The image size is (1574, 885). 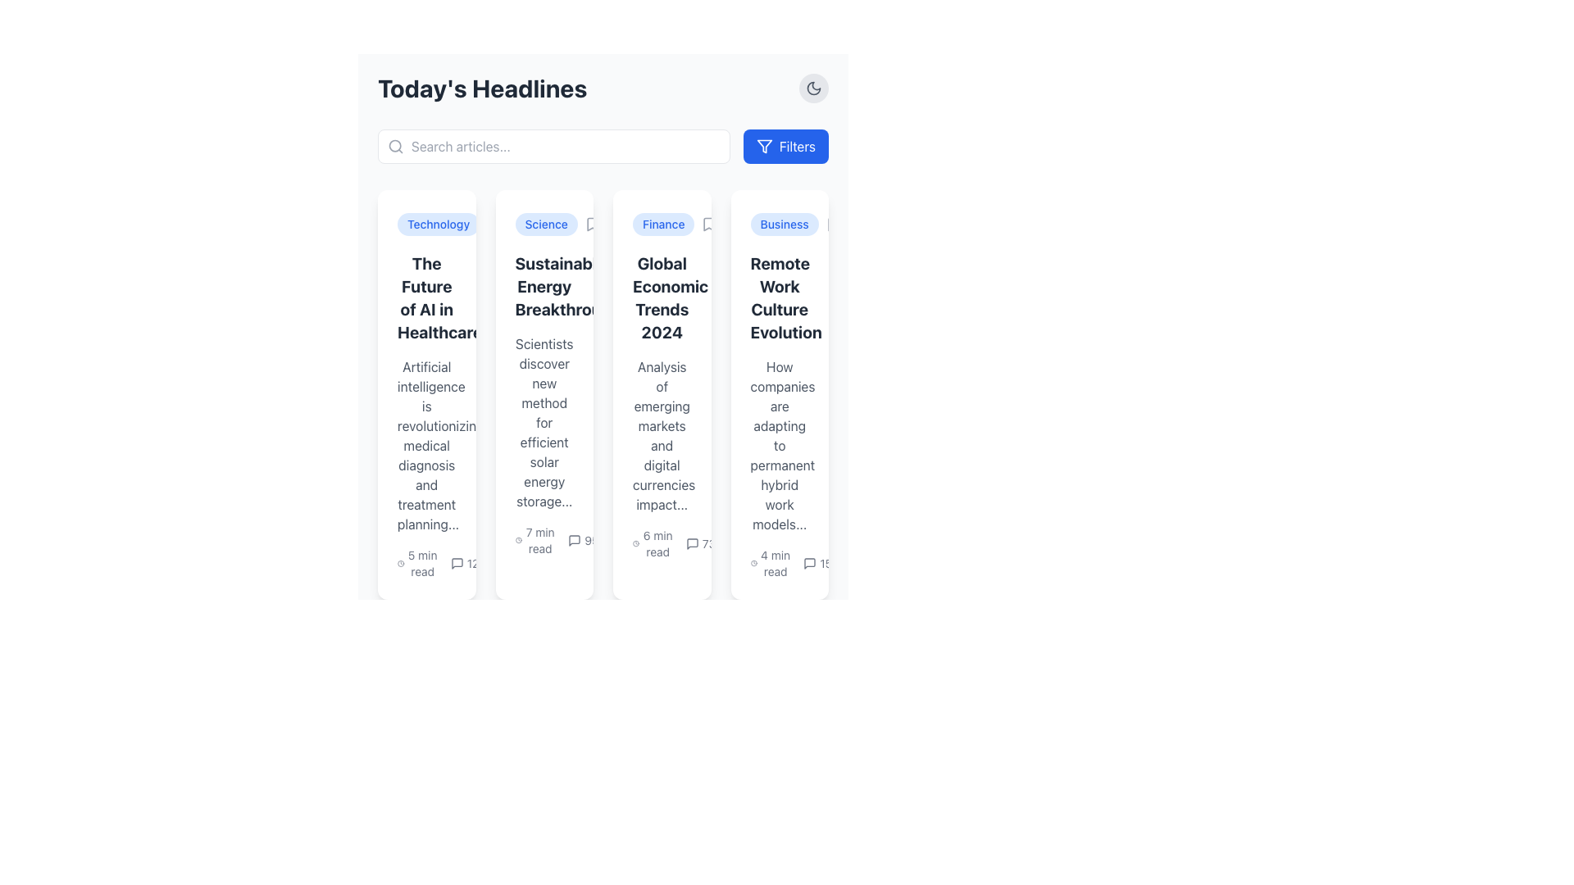 I want to click on icon-button representing the toggle for light and dark themes, located in the top-right section of the UI, for developer tools, so click(x=814, y=88).